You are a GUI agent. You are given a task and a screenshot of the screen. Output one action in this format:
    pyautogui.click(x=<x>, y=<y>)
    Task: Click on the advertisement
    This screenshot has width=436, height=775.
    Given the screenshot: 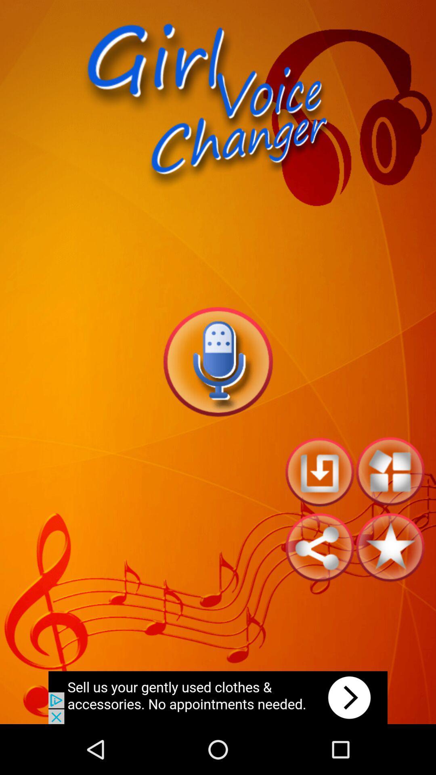 What is the action you would take?
    pyautogui.click(x=218, y=697)
    